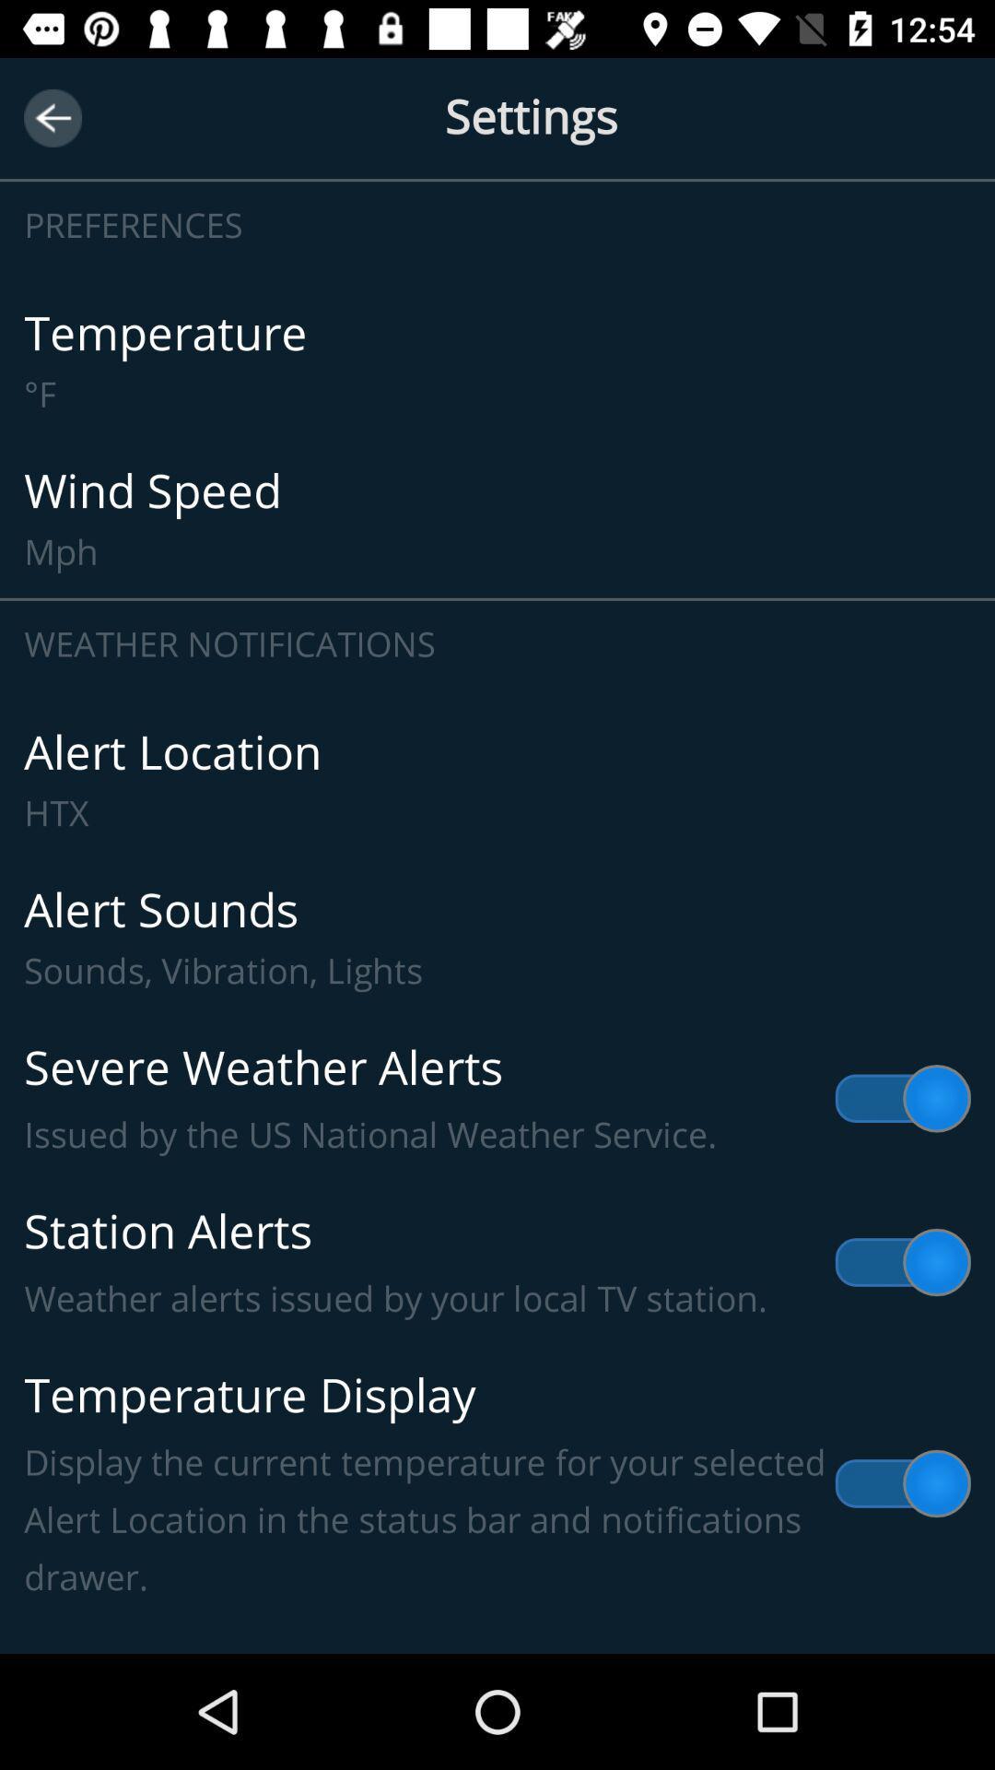 This screenshot has height=1770, width=995. Describe the element at coordinates (52, 117) in the screenshot. I see `the arrow_backward icon` at that location.